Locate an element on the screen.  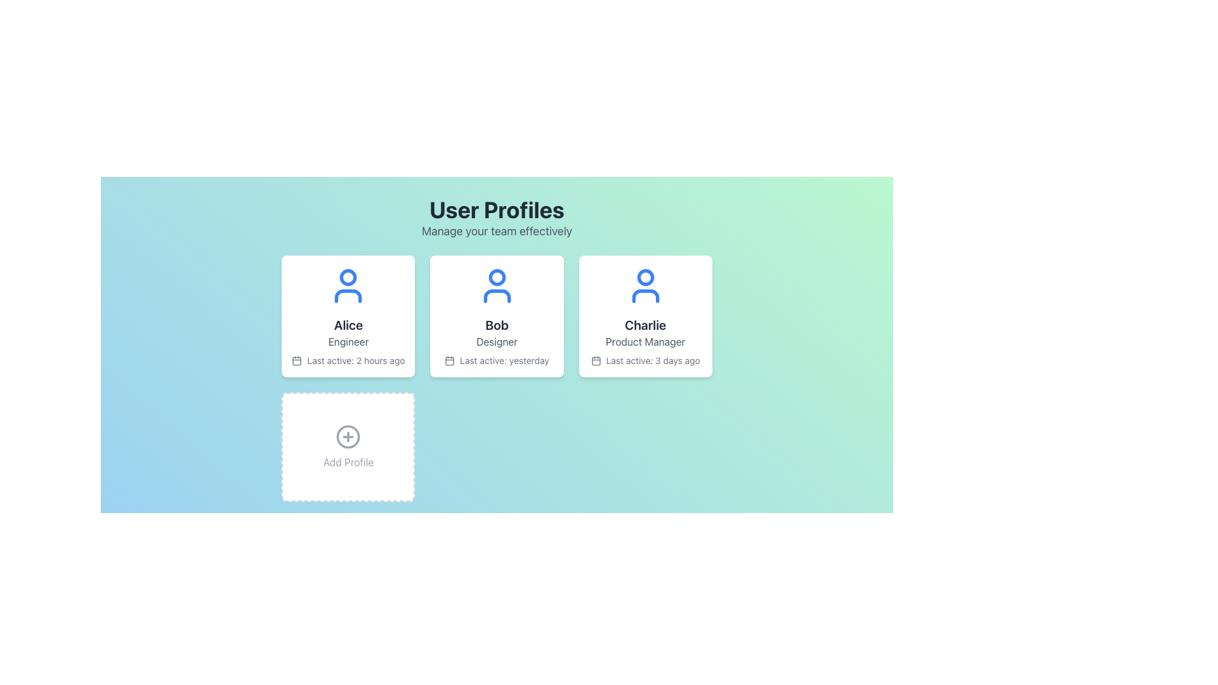
the decorative arc element in the SVG graphic that is part of Alice's user profile icon, located at the bottom of the circular head is located at coordinates (348, 296).